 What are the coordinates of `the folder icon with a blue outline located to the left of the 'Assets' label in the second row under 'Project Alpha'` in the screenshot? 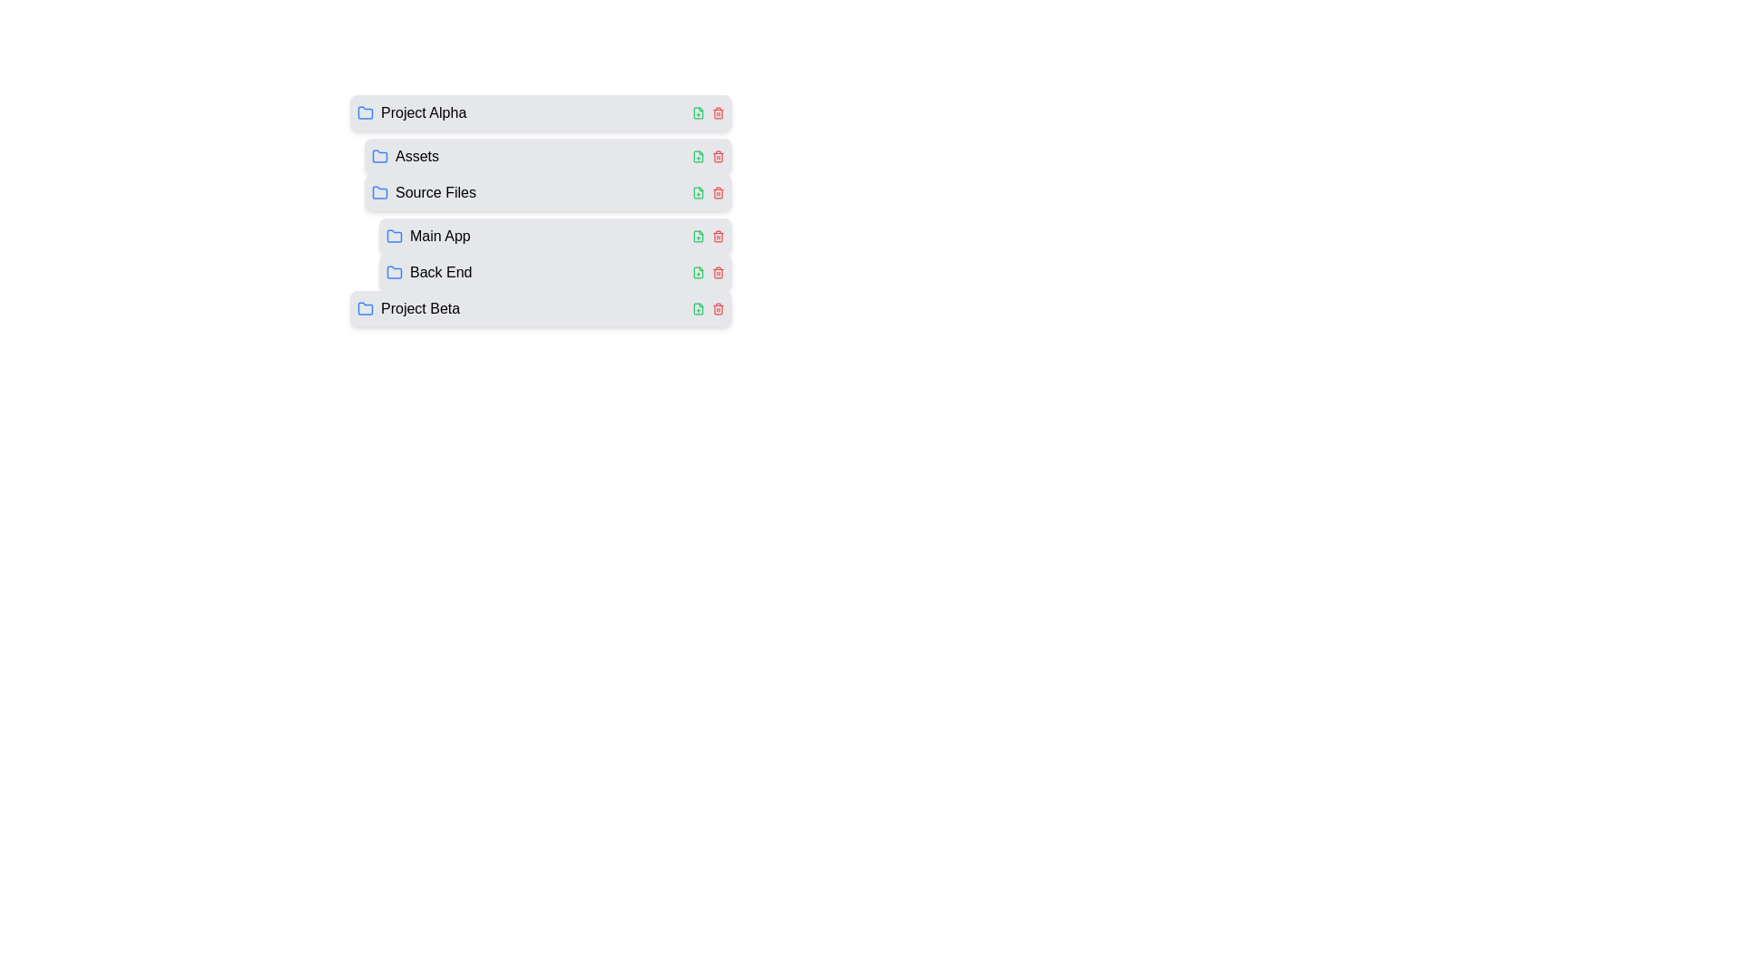 It's located at (378, 155).